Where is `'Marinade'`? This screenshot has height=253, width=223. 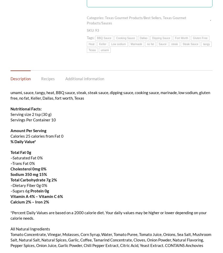 'Marinade' is located at coordinates (136, 44).